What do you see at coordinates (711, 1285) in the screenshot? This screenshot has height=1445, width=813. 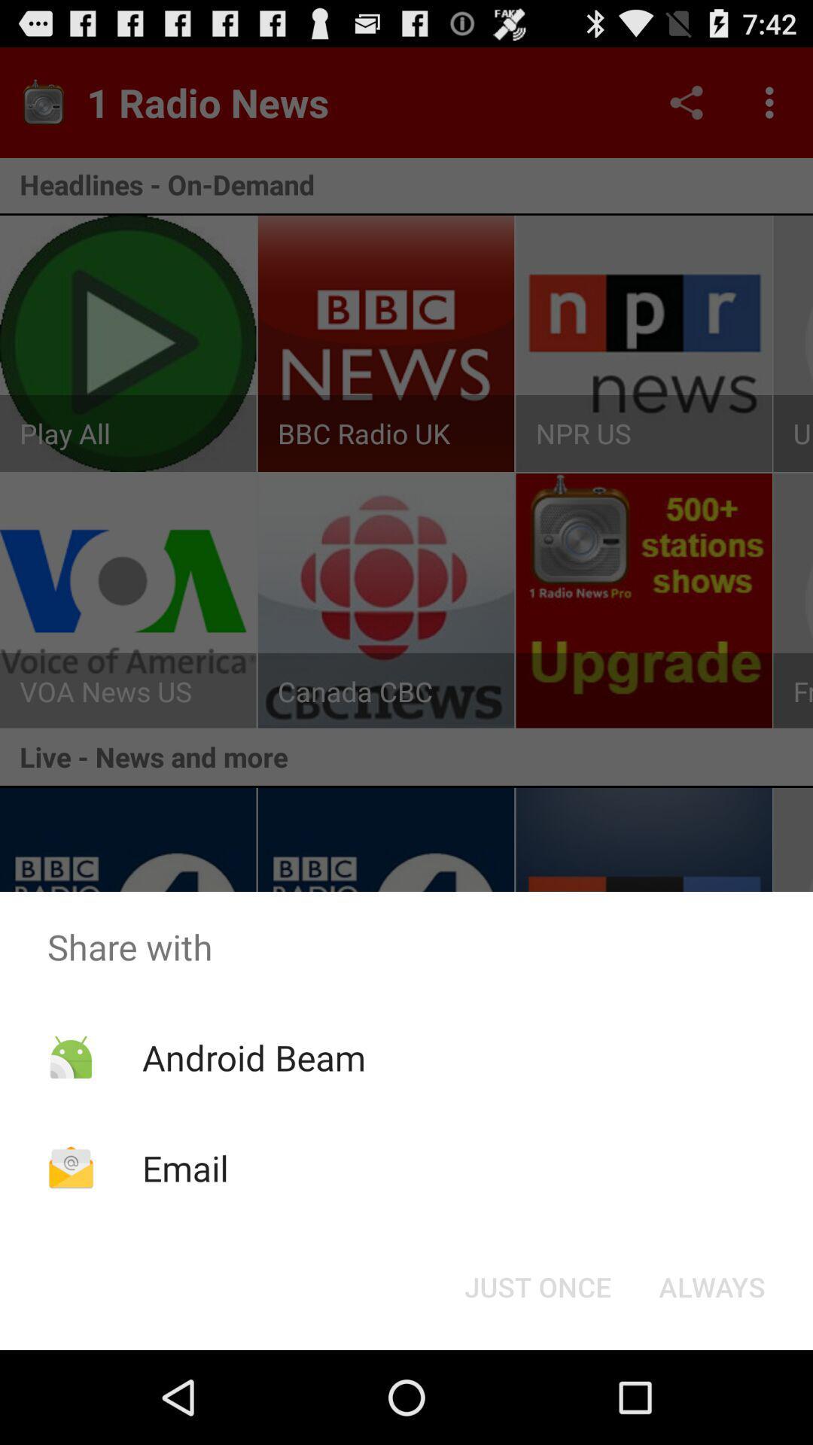 I see `icon below the share with app` at bounding box center [711, 1285].